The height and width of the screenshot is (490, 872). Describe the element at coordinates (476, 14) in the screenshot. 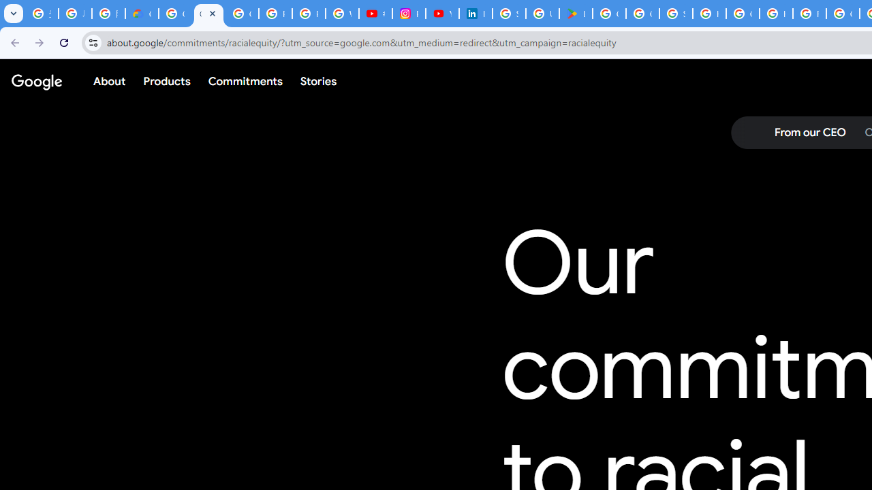

I see `'Identity verification via Persona | LinkedIn Help'` at that location.